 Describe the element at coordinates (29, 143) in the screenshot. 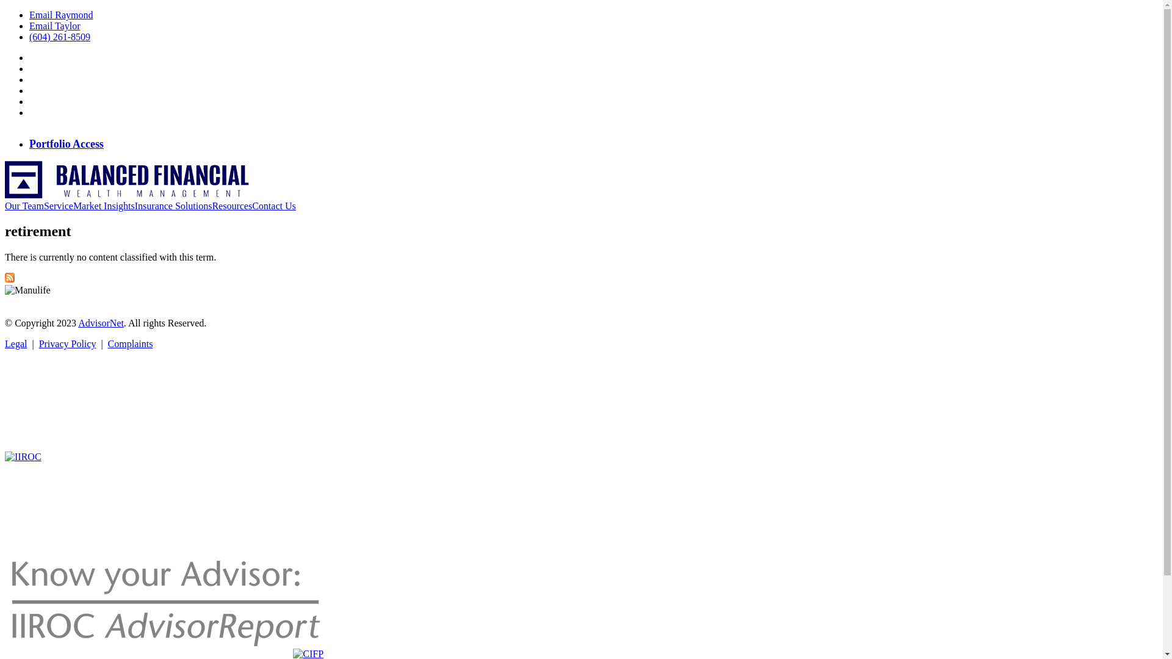

I see `'Portfolio Access'` at that location.